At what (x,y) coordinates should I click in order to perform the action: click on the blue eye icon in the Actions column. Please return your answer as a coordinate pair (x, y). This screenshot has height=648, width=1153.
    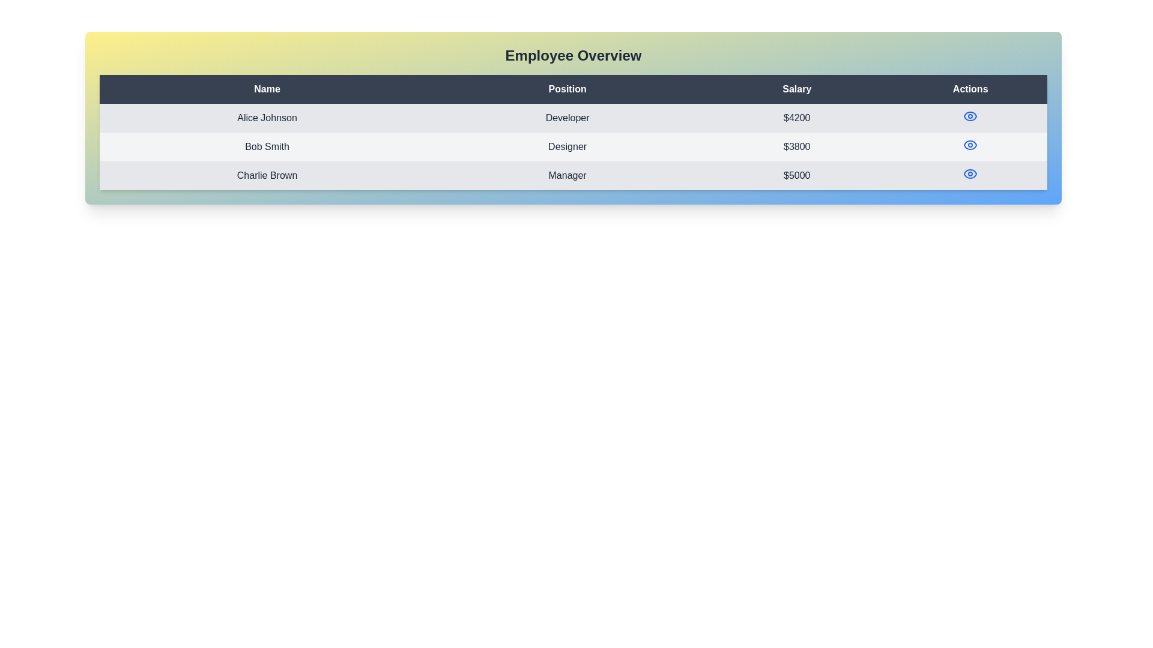
    Looking at the image, I should click on (970, 176).